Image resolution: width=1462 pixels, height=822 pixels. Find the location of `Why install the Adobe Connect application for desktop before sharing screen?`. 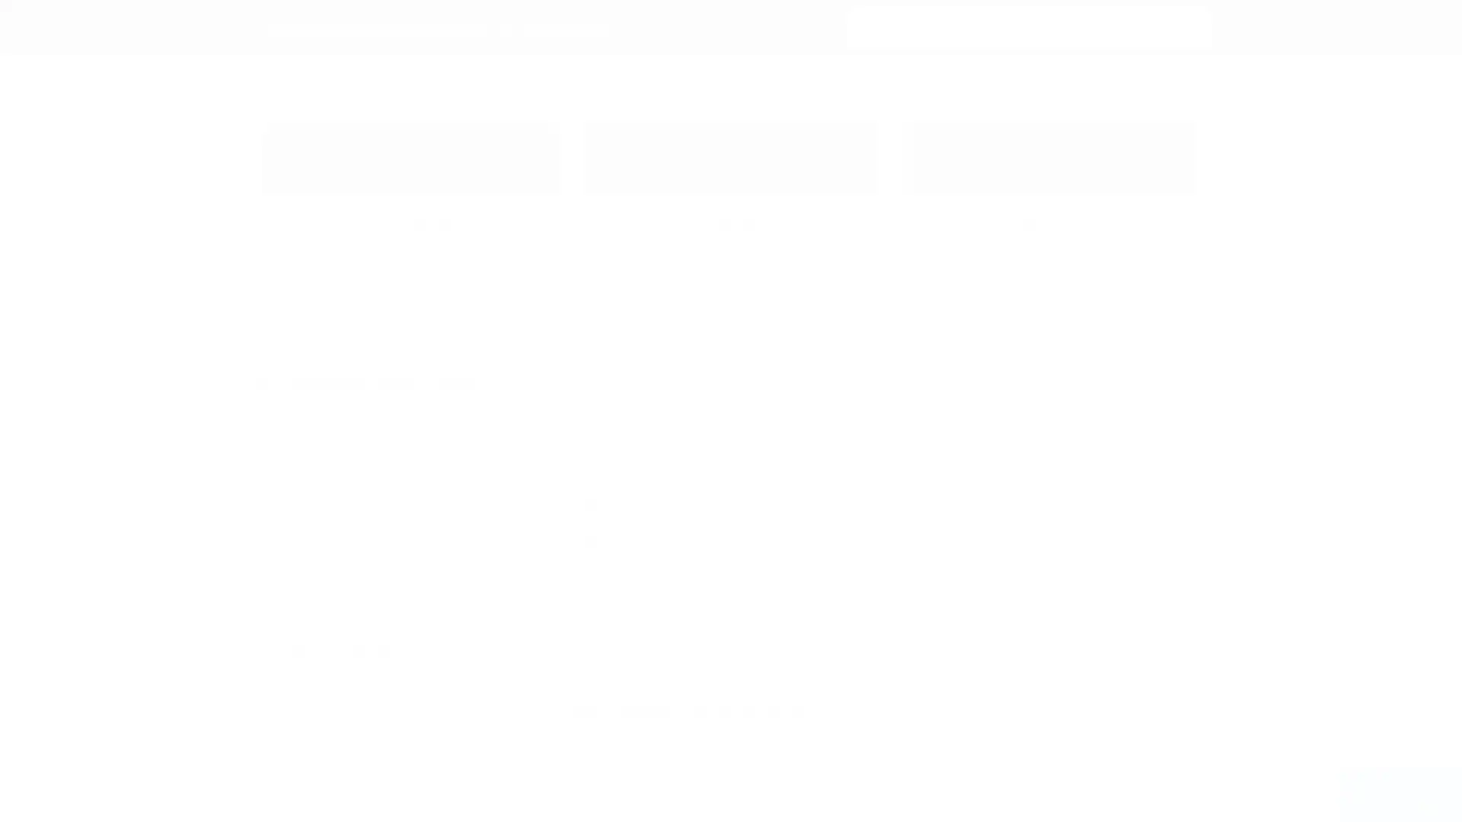

Why install the Adobe Connect application for desktop before sharing screen? is located at coordinates (774, 539).